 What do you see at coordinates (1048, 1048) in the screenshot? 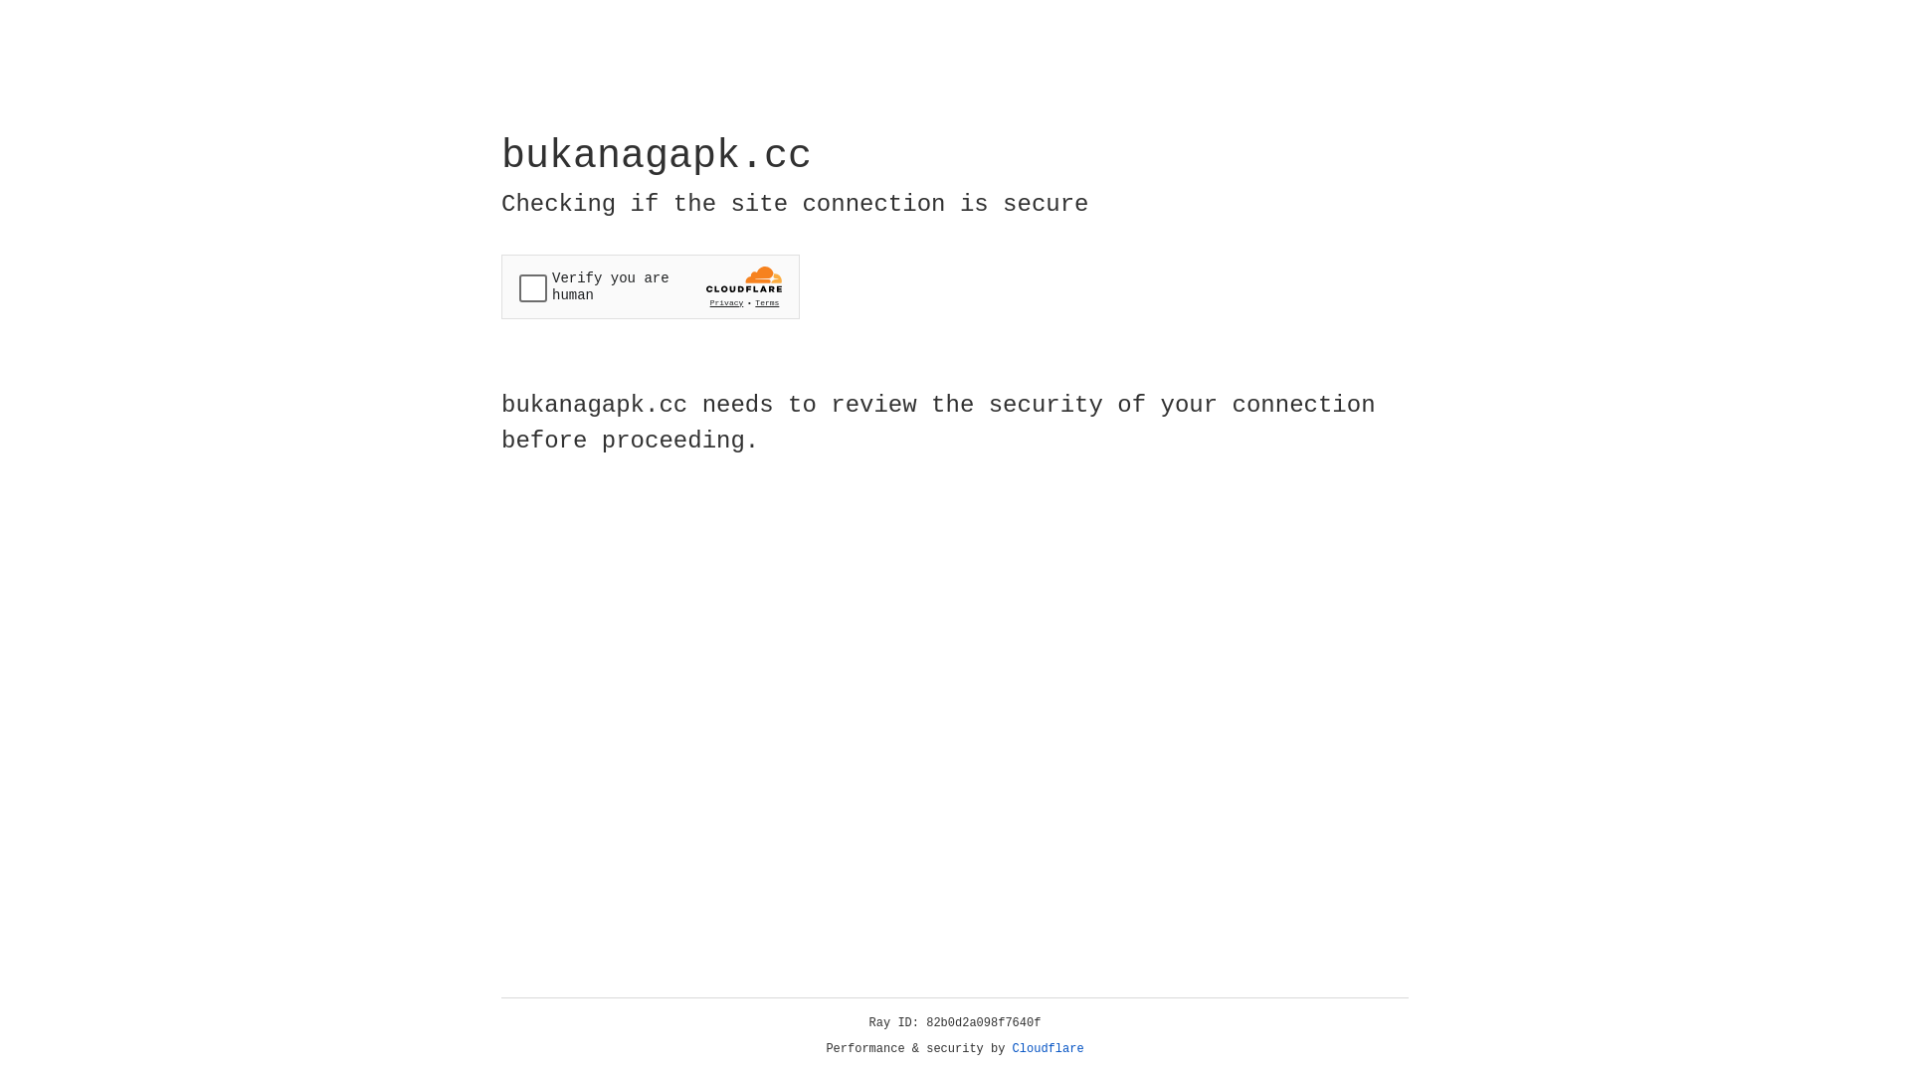
I see `'Cloudflare'` at bounding box center [1048, 1048].